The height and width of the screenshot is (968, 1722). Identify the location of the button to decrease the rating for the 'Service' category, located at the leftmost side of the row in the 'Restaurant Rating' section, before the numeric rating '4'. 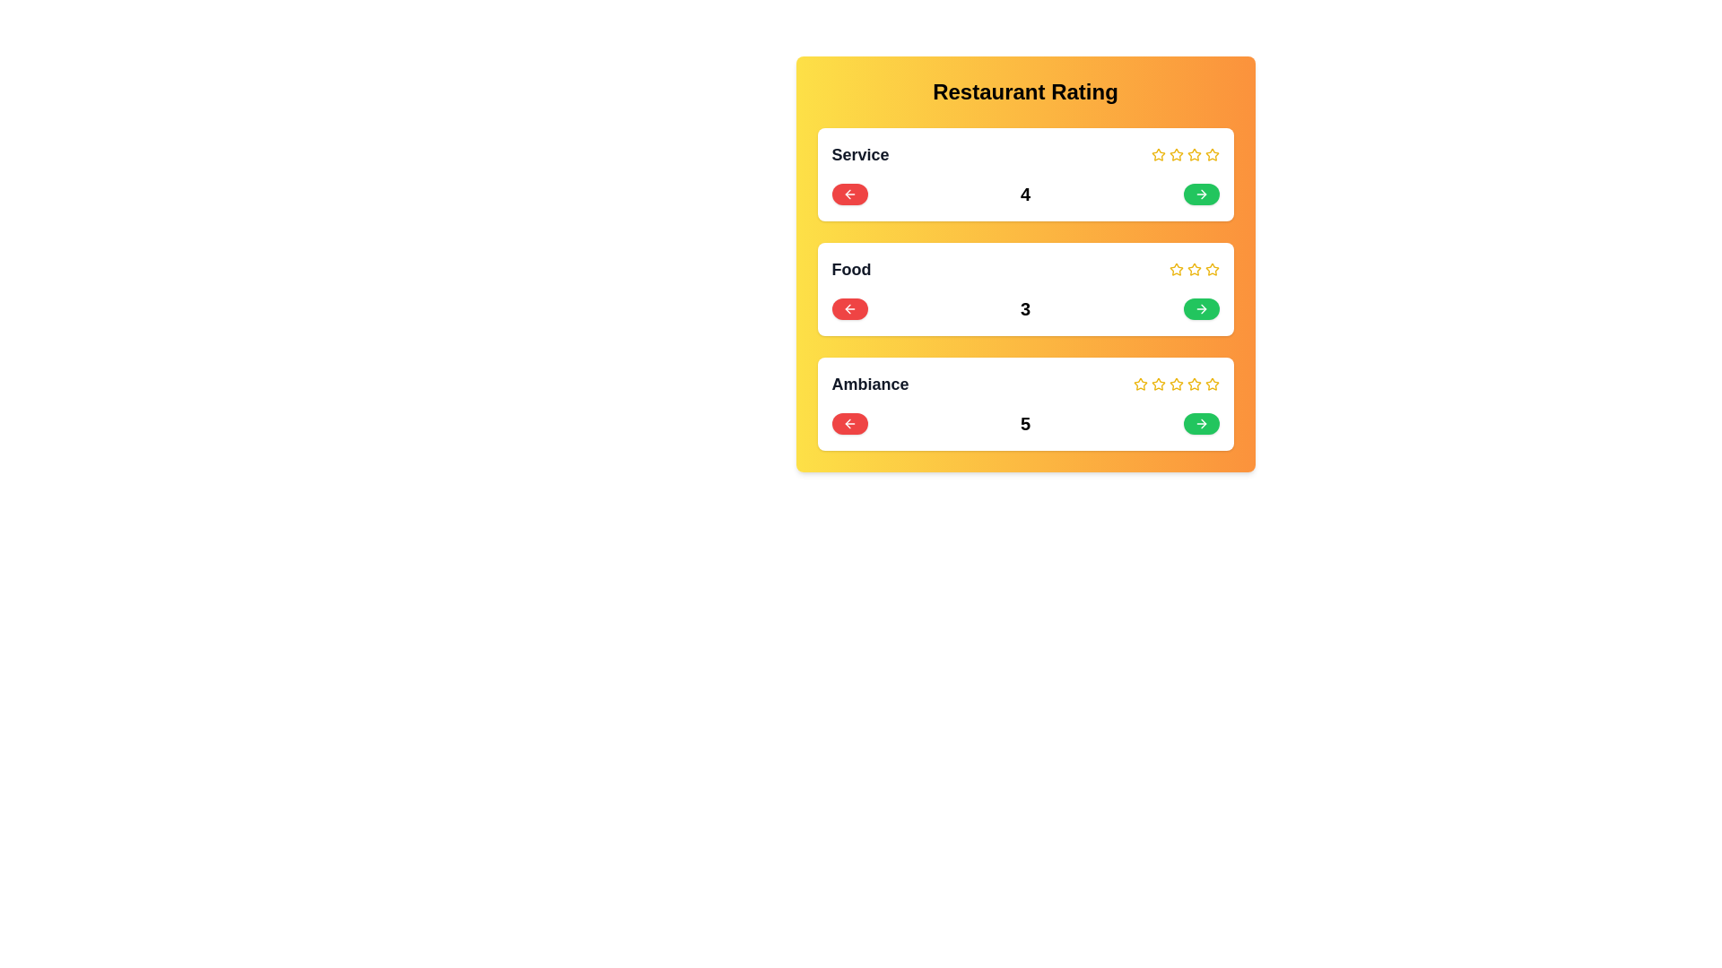
(848, 194).